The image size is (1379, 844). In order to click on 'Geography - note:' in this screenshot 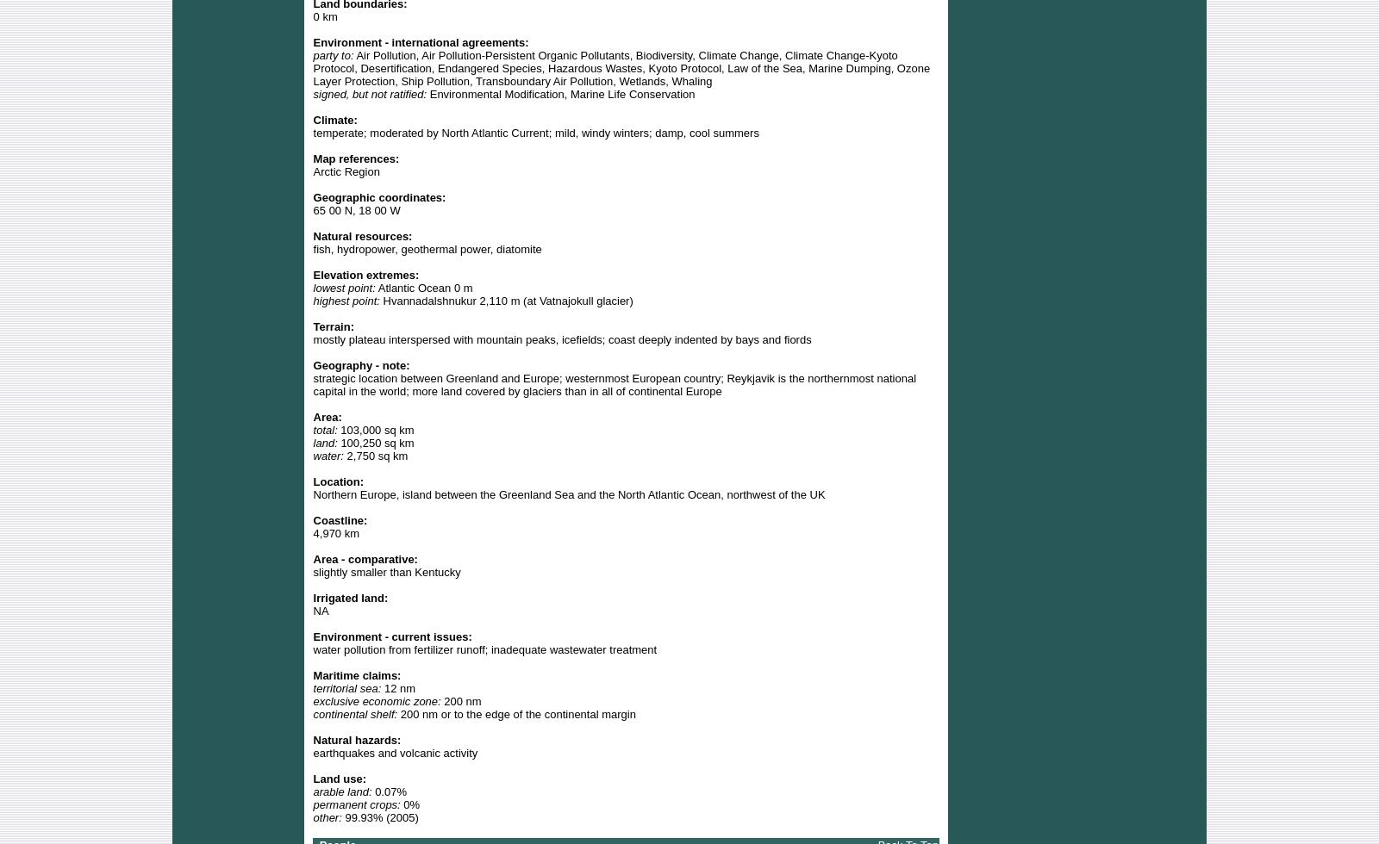, I will do `click(313, 364)`.